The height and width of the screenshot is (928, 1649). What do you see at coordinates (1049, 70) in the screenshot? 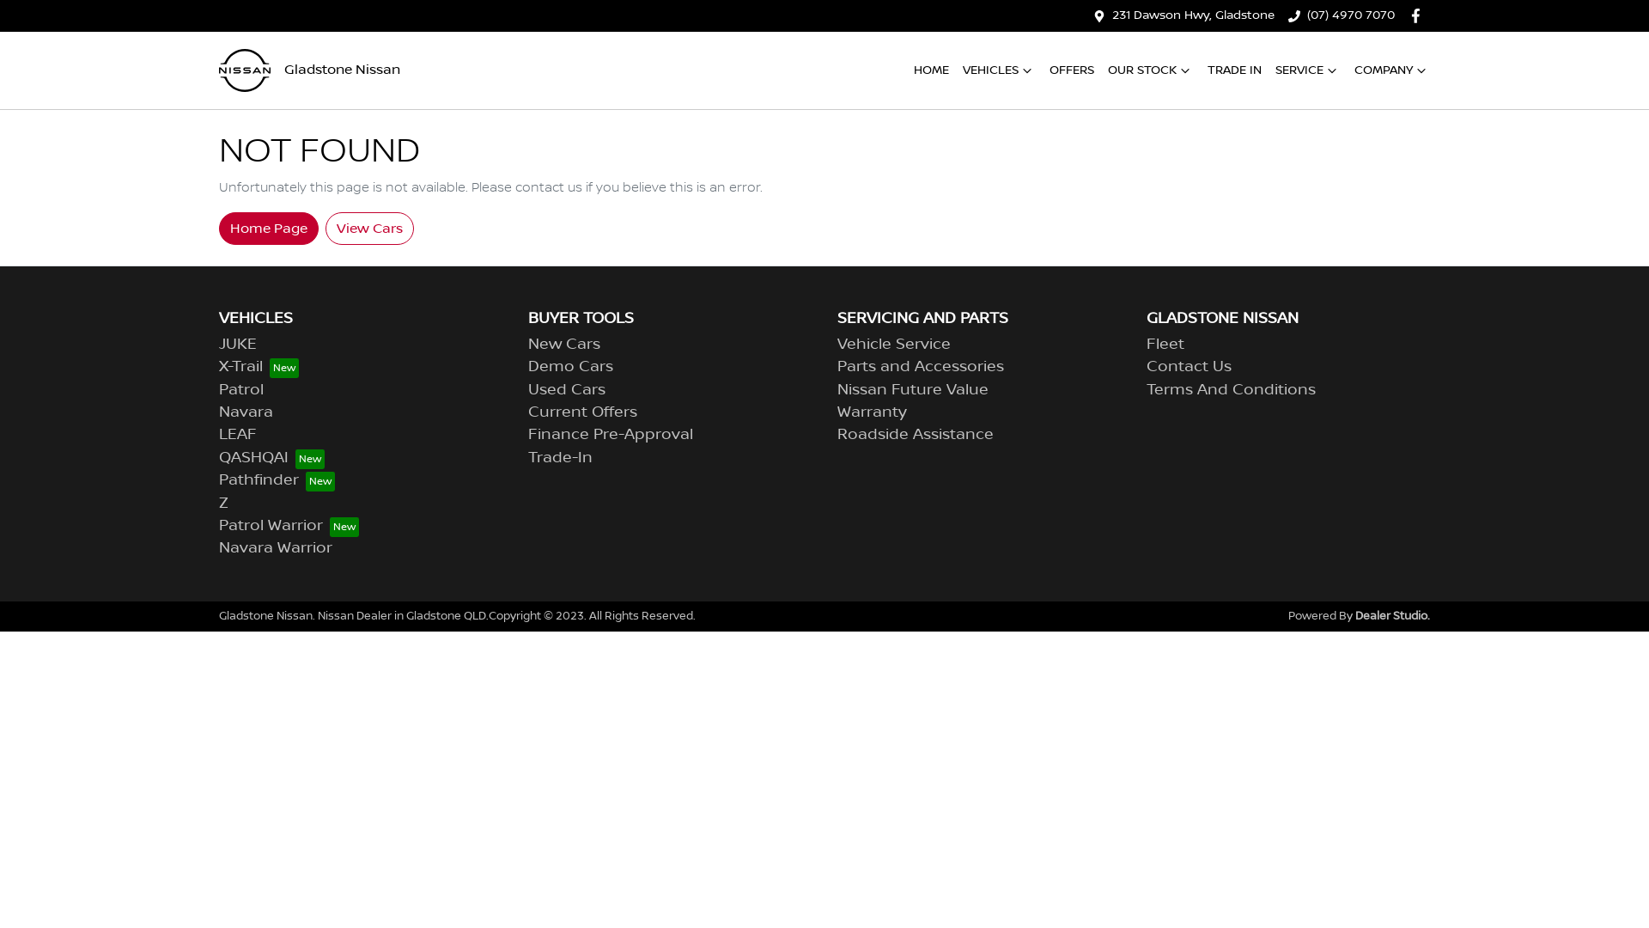
I see `'OFFERS'` at bounding box center [1049, 70].